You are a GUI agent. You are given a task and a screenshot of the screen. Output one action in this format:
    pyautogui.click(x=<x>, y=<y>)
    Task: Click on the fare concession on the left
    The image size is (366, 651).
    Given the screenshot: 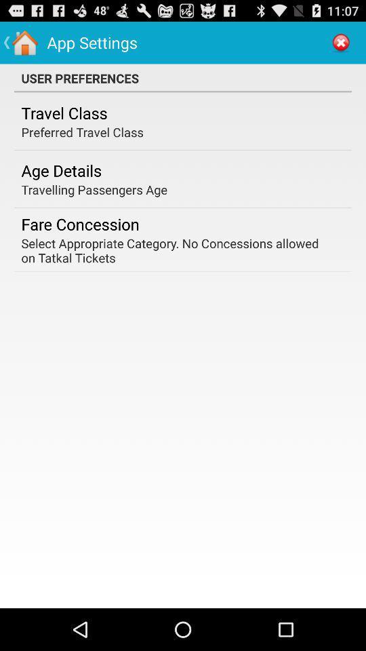 What is the action you would take?
    pyautogui.click(x=80, y=224)
    